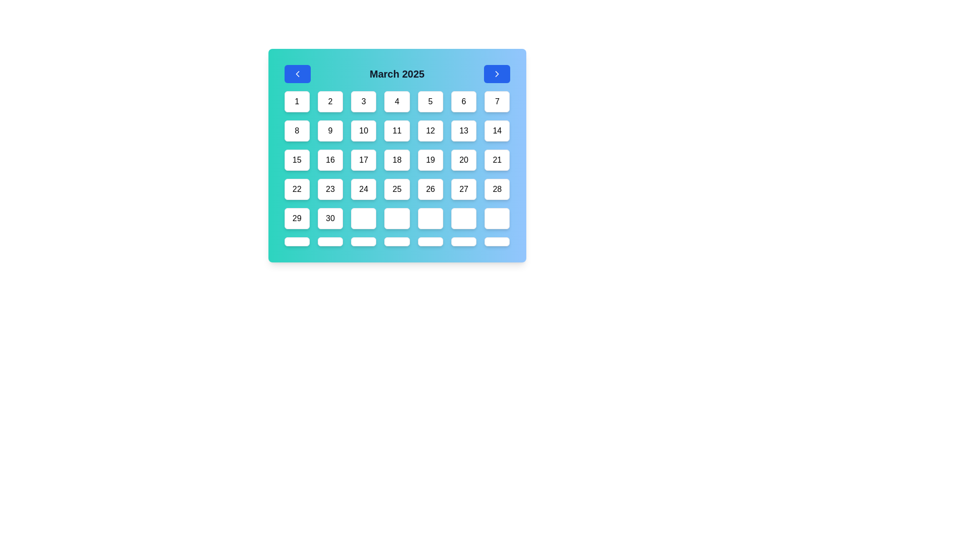 The width and height of the screenshot is (967, 544). I want to click on the placeholder element located in the bottom row of the grid, specifically the third element from the left, so click(363, 241).